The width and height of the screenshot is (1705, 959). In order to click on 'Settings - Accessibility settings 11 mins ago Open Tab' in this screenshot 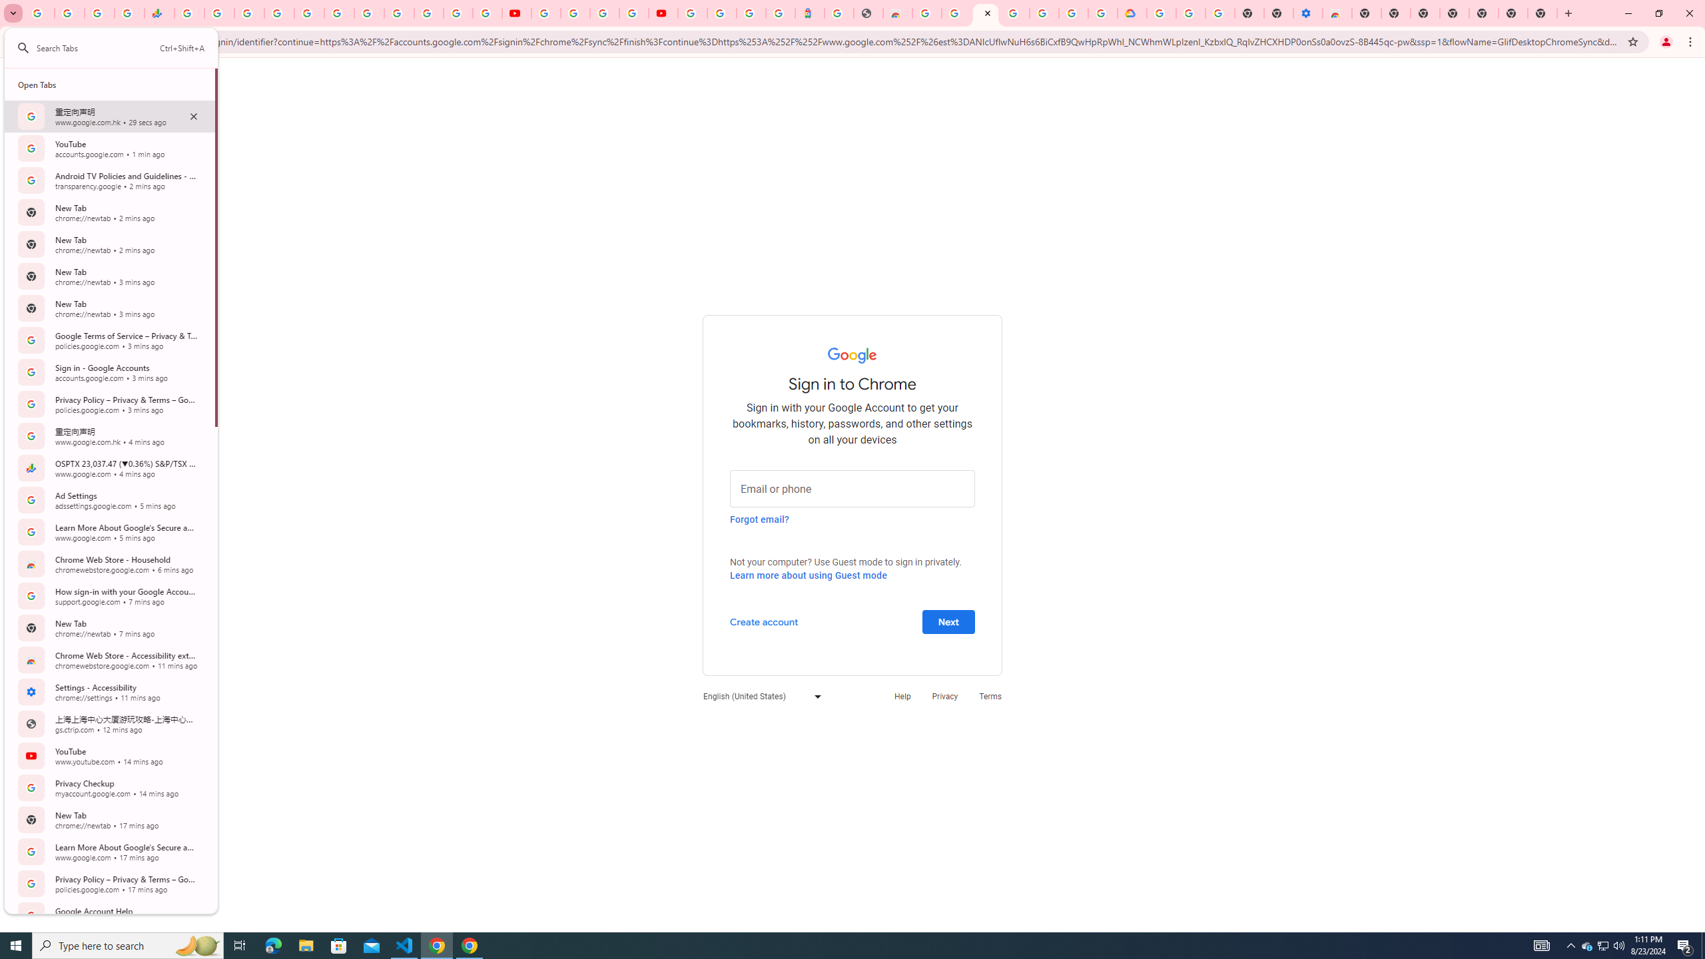, I will do `click(109, 691)`.